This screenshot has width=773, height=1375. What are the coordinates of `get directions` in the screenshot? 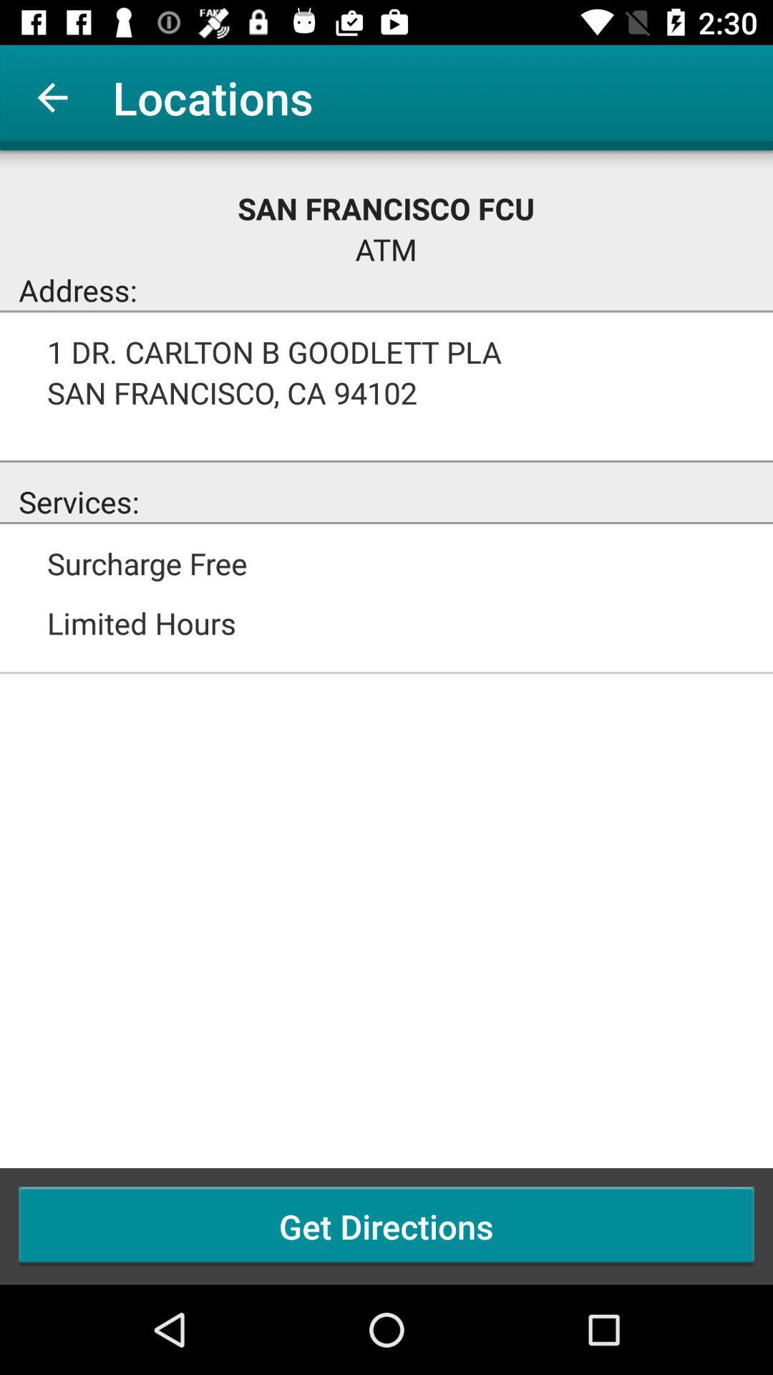 It's located at (386, 1225).